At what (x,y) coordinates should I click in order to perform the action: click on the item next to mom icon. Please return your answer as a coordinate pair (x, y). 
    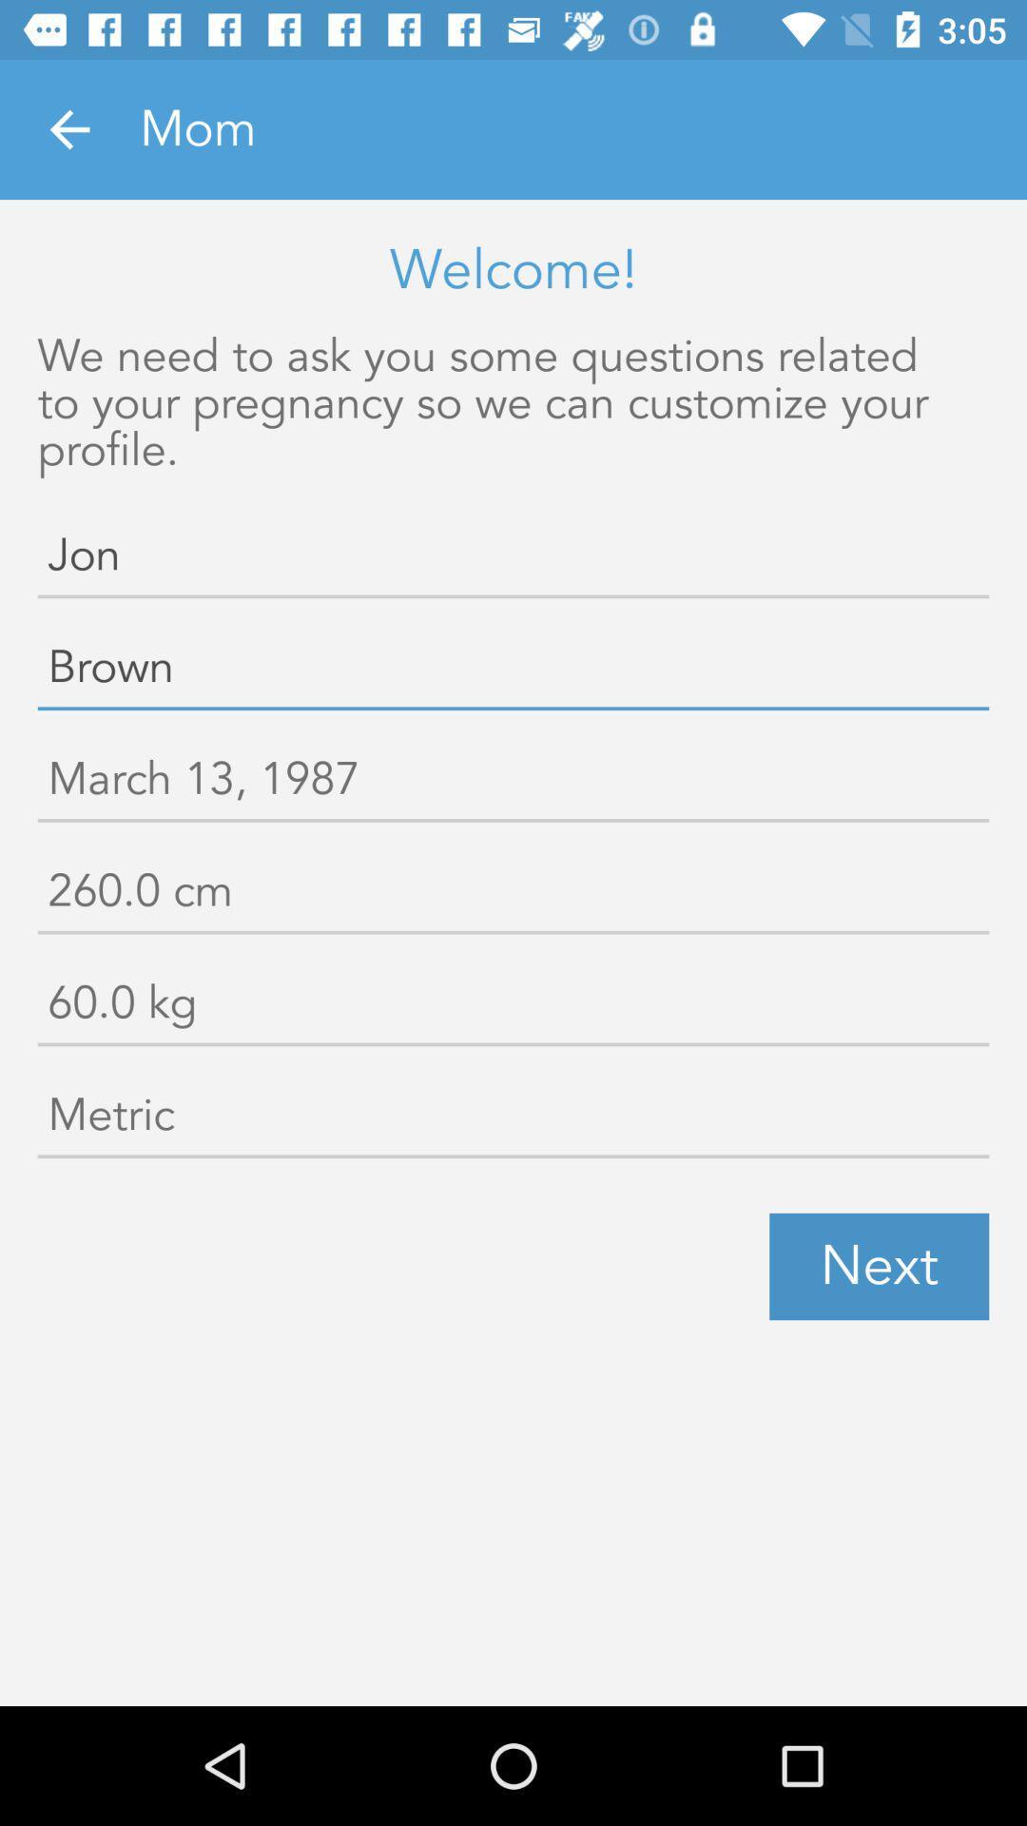
    Looking at the image, I should click on (68, 128).